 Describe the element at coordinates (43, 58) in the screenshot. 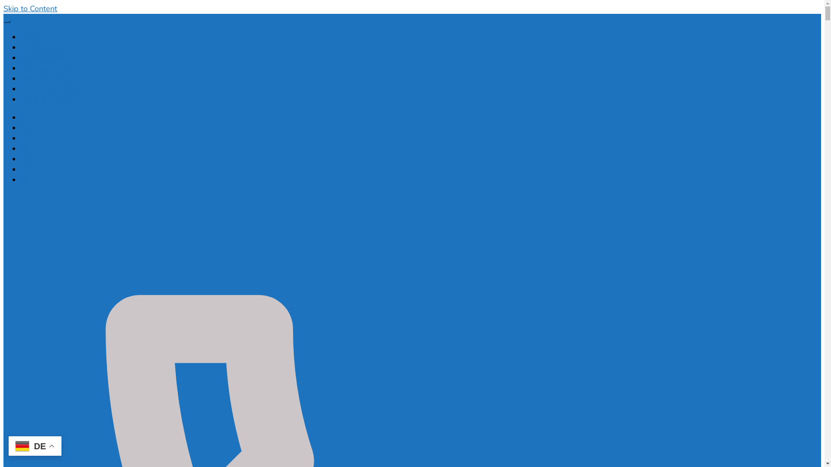

I see `'Notfalltermin'` at that location.